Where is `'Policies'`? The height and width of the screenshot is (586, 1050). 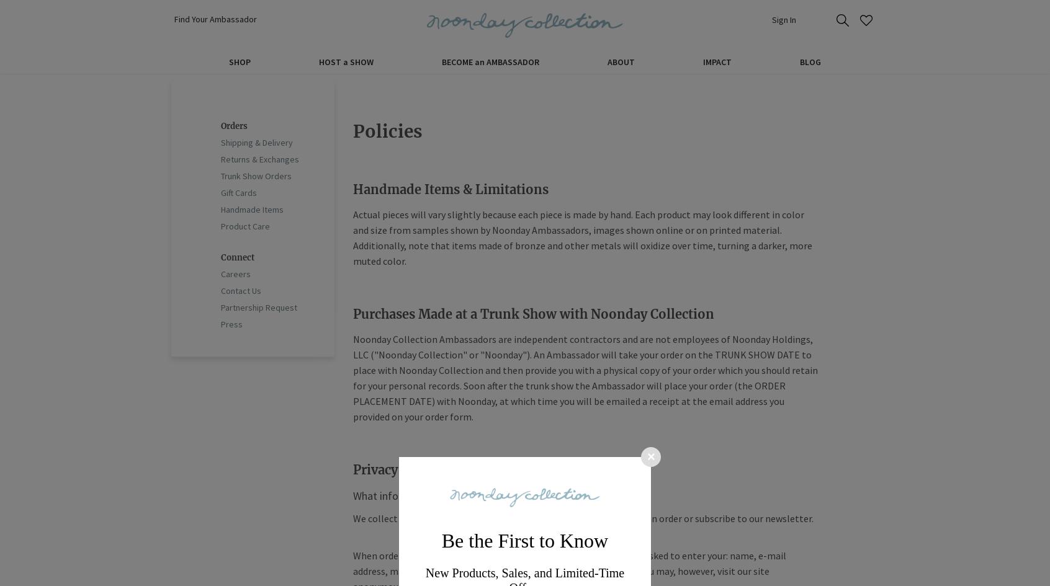 'Policies' is located at coordinates (387, 130).